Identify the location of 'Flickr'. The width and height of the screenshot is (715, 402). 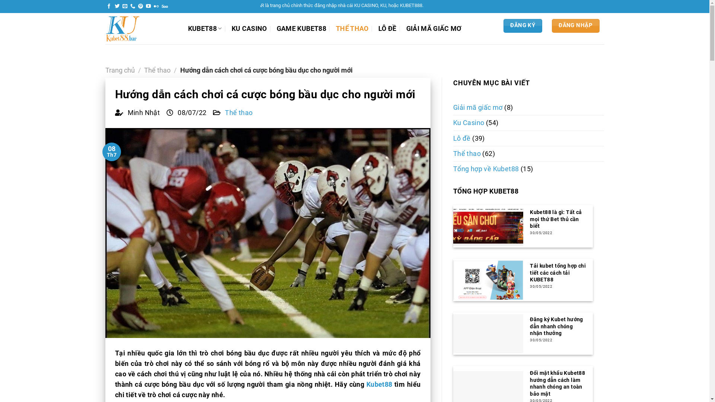
(153, 6).